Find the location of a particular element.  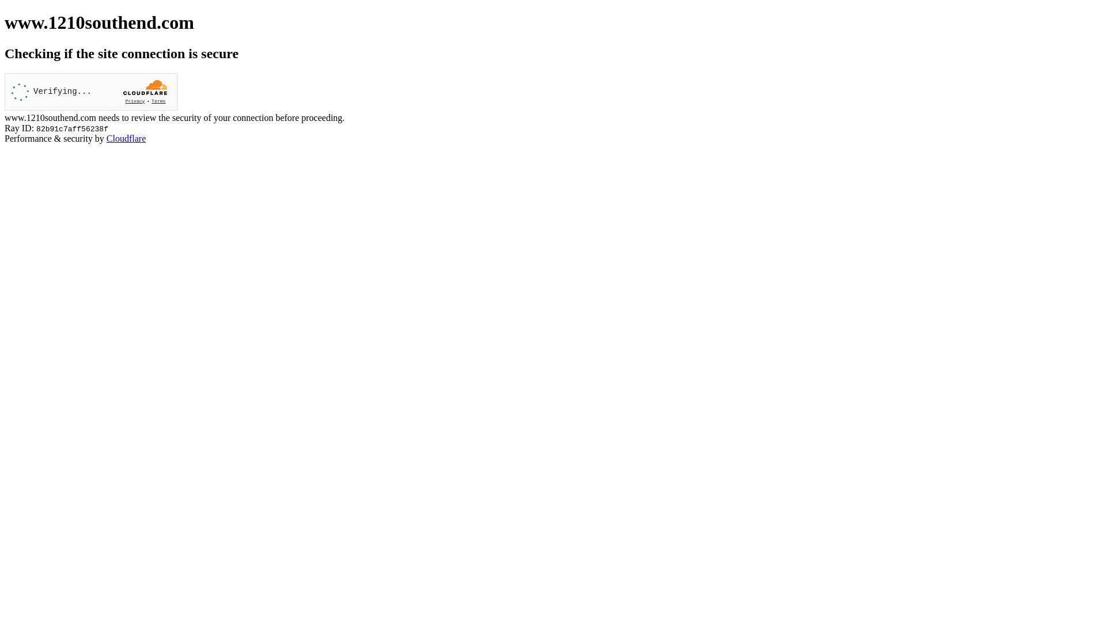

'Widget containing a Cloudflare security challenge' is located at coordinates (90, 91).